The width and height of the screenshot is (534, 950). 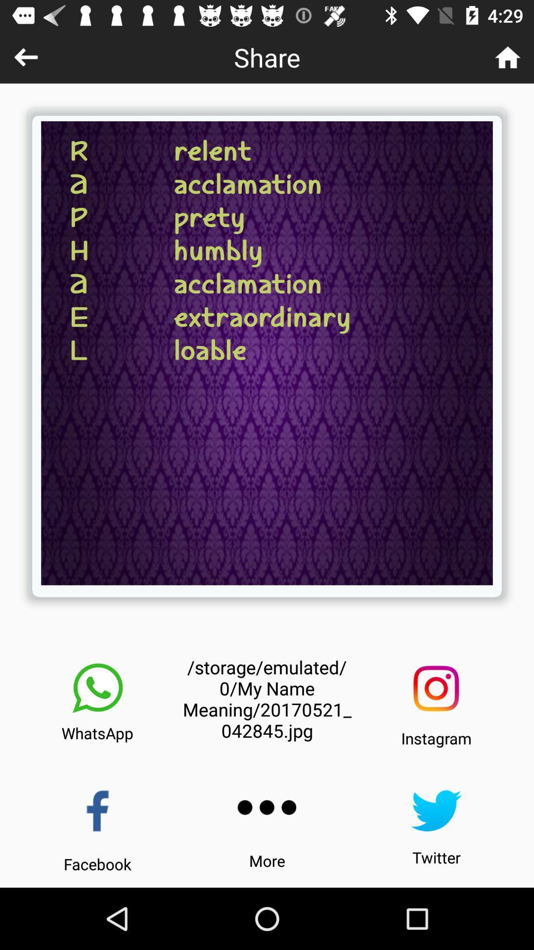 What do you see at coordinates (436, 688) in the screenshot?
I see `instagram` at bounding box center [436, 688].